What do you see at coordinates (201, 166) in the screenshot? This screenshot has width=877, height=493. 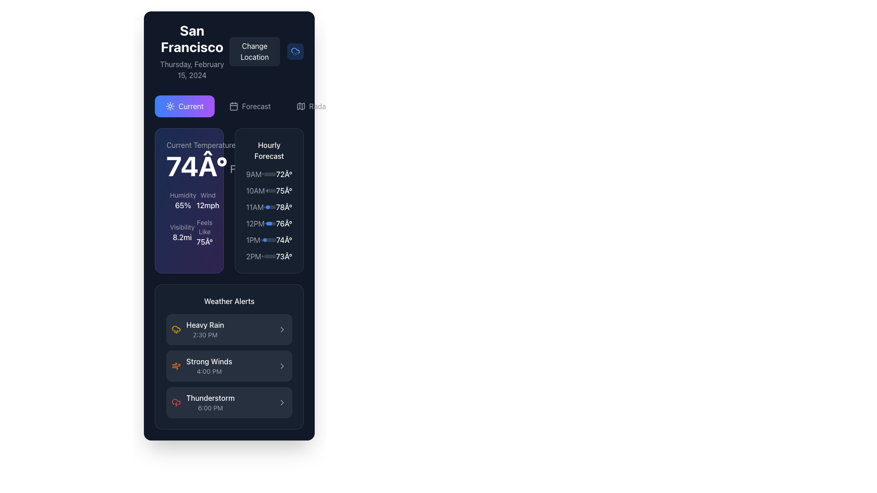 I see `the temperature display label located in the upper left portion of the weather interface panel, directly under 'Current Temperature'` at bounding box center [201, 166].